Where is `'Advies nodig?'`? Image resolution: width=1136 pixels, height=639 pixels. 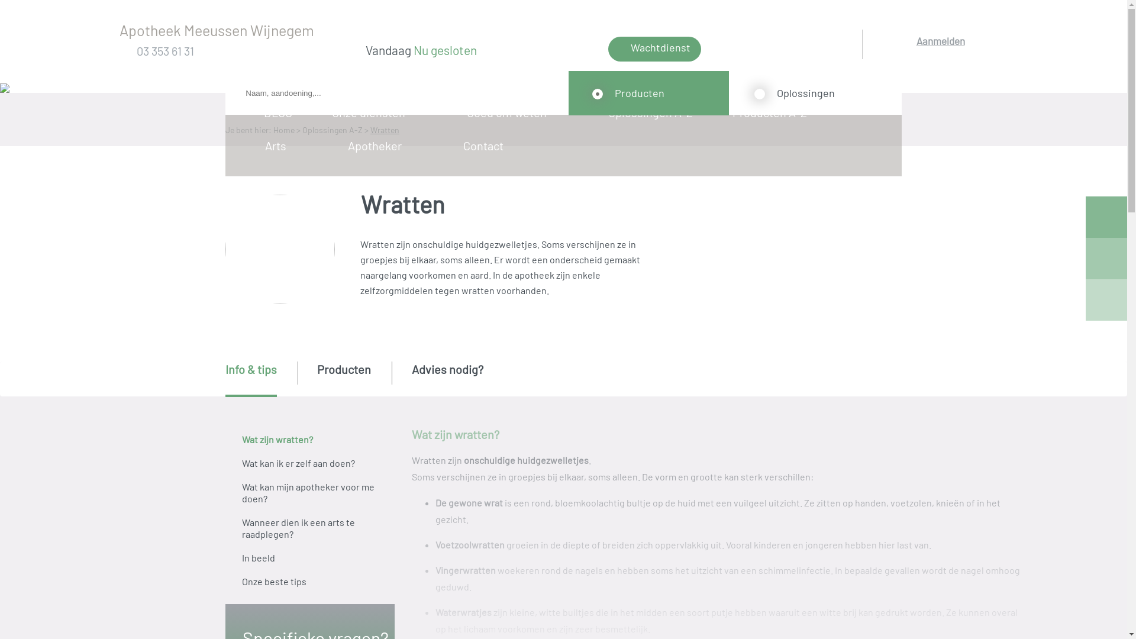 'Advies nodig?' is located at coordinates (447, 378).